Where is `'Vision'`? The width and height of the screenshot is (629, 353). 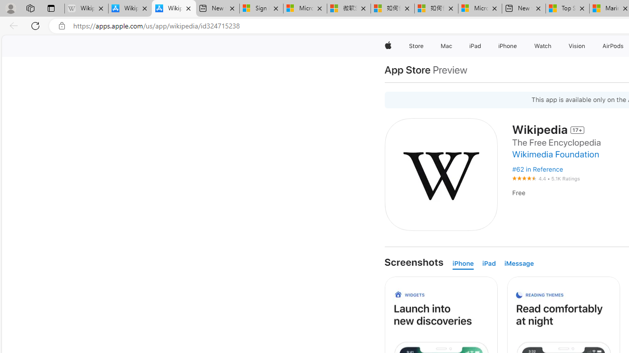
'Vision' is located at coordinates (577, 46).